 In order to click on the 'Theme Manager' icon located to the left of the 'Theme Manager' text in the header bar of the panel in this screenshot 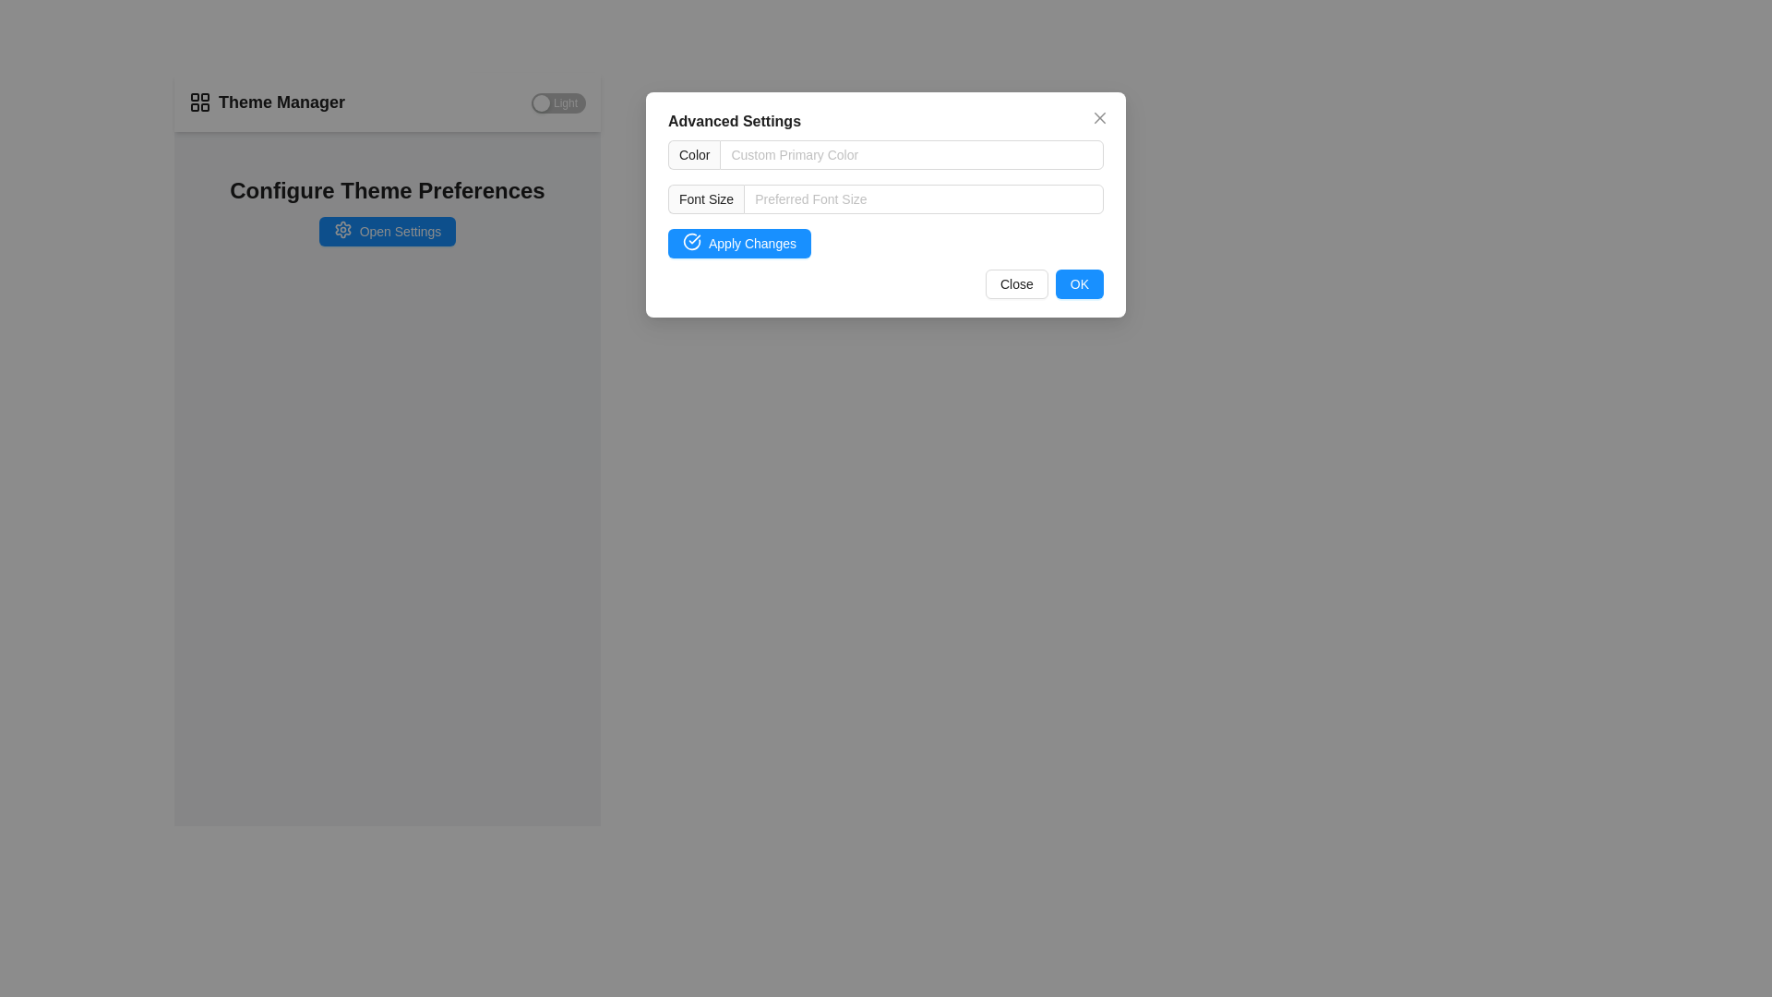, I will do `click(199, 102)`.